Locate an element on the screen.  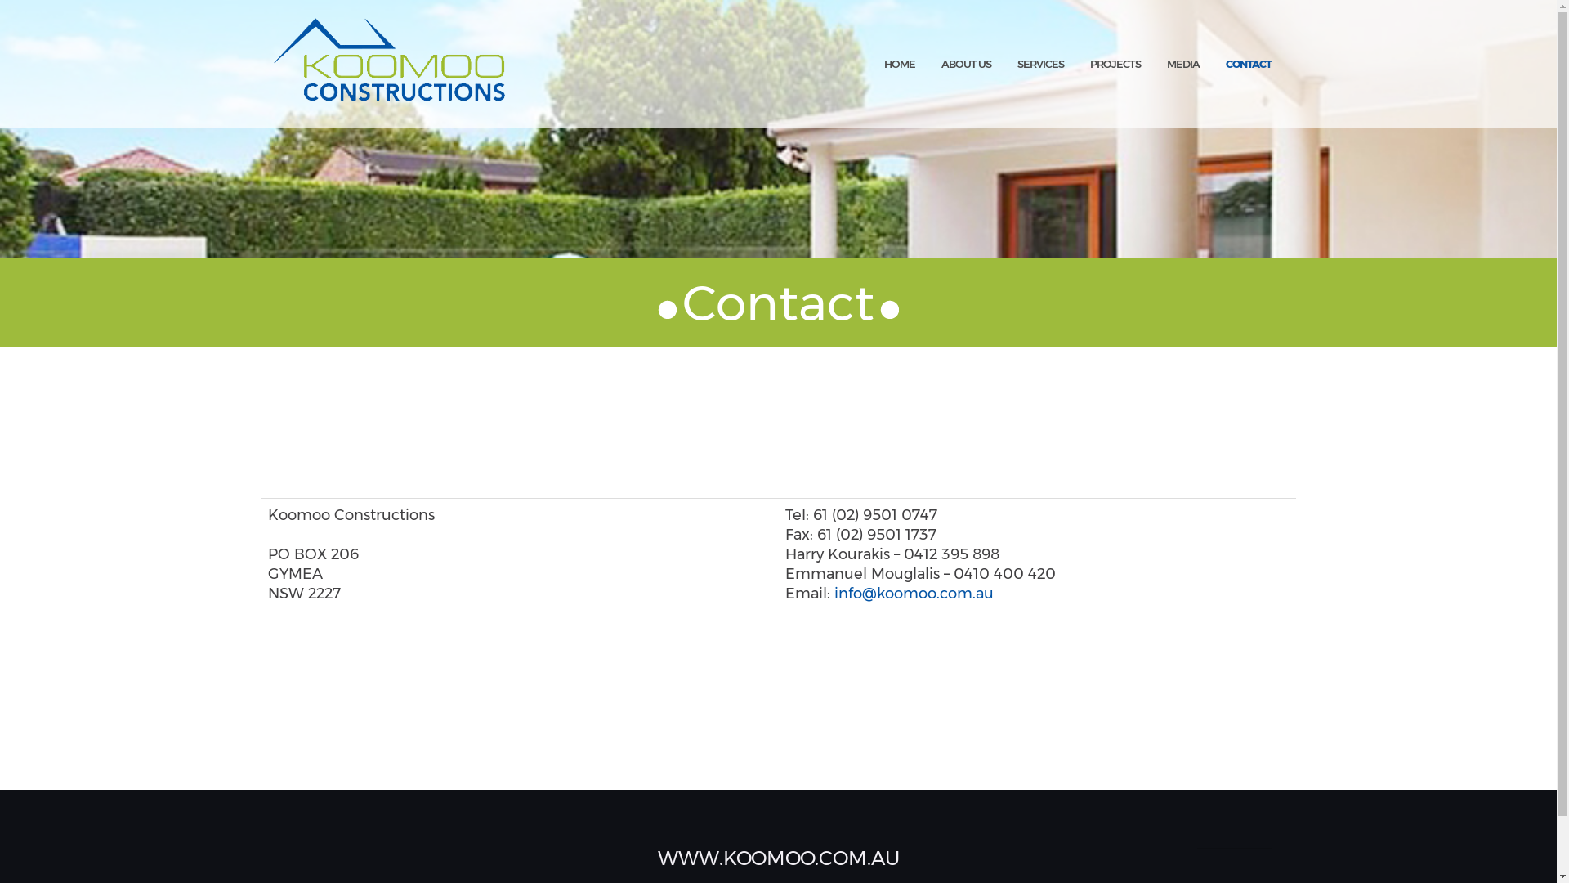
'CONTACT' is located at coordinates (1247, 64).